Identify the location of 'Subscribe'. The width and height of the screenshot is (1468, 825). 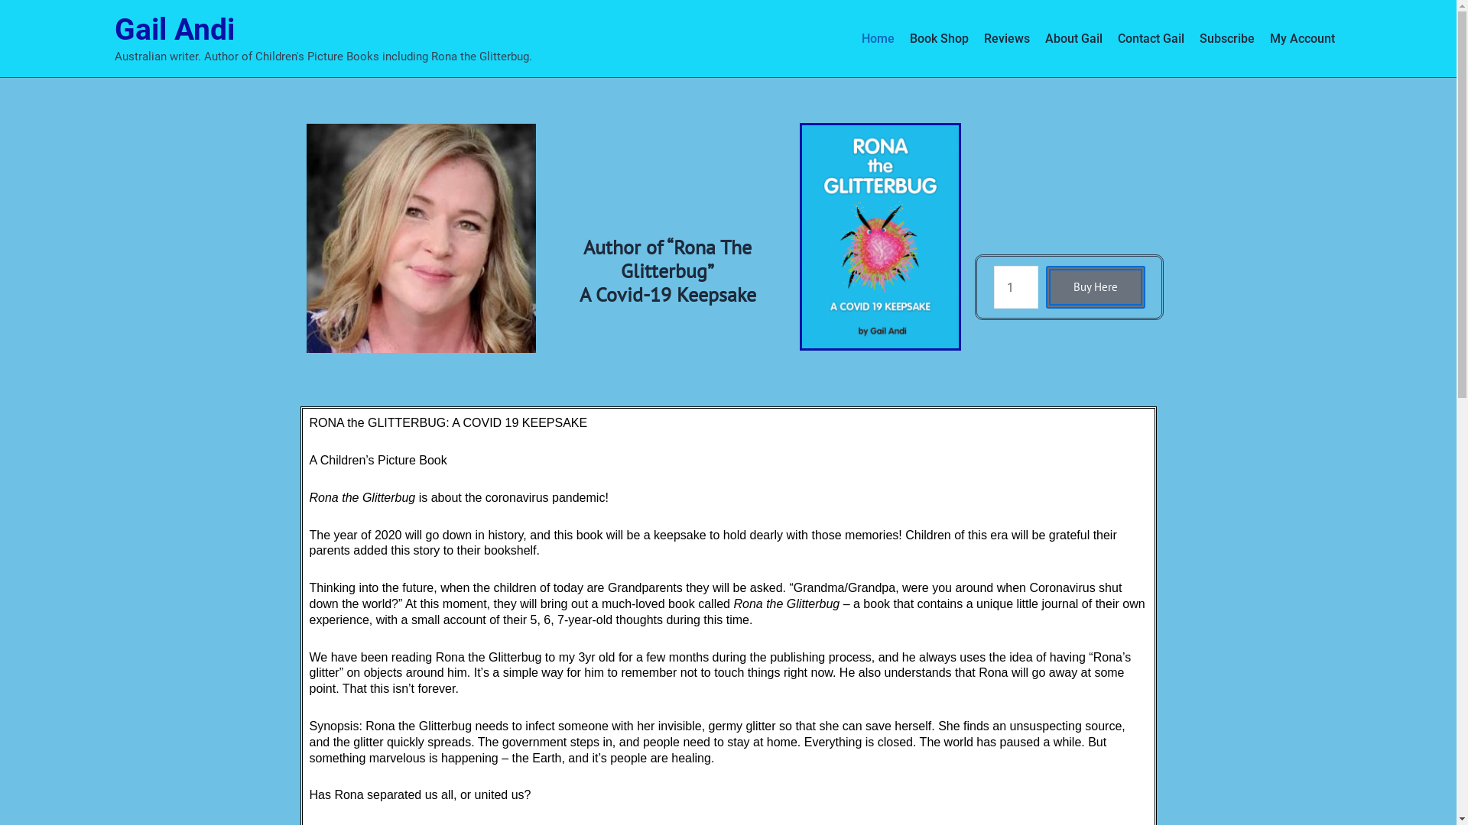
(1226, 37).